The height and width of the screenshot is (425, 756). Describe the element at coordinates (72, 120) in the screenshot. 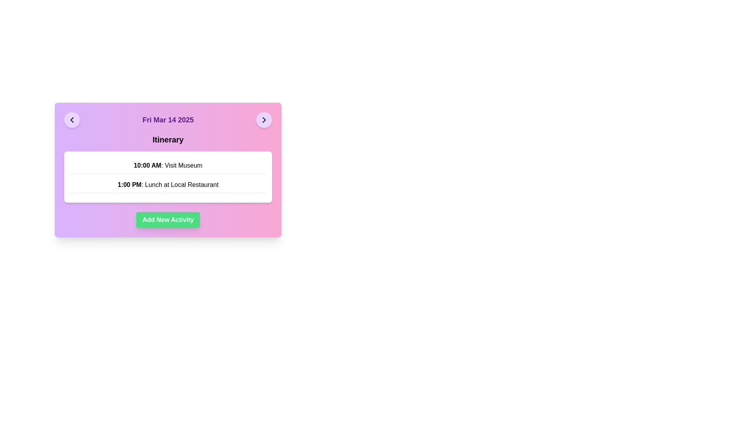

I see `the Chevron Left SVG Icon located in the top-left portion of the card interface to observe any tooltip or styling changes` at that location.